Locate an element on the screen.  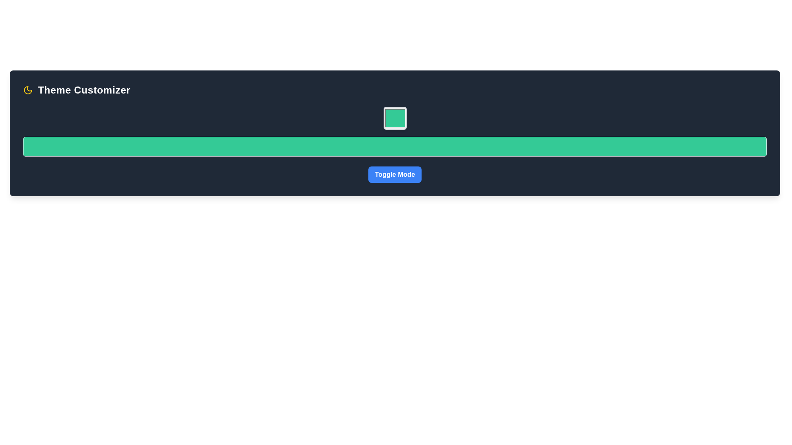
the small vivid yellow crescent moon icon located at the far left of the 'Theme Customizer' header section is located at coordinates (28, 90).